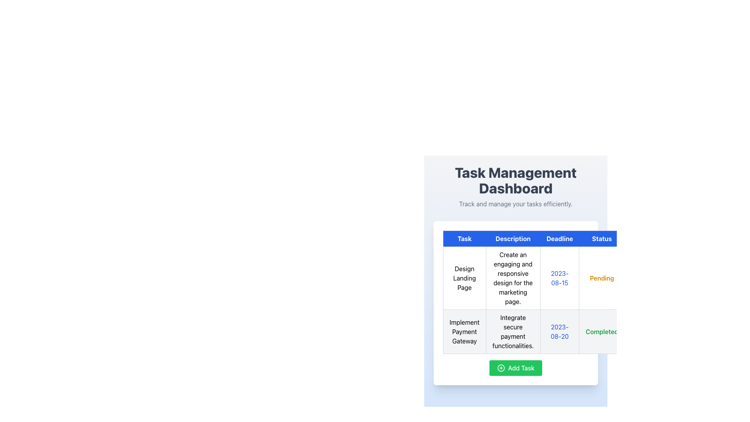  What do you see at coordinates (516, 203) in the screenshot?
I see `text label displaying 'Track and manage your tasks efficiently.' located below the 'Task Management Dashboard' title` at bounding box center [516, 203].